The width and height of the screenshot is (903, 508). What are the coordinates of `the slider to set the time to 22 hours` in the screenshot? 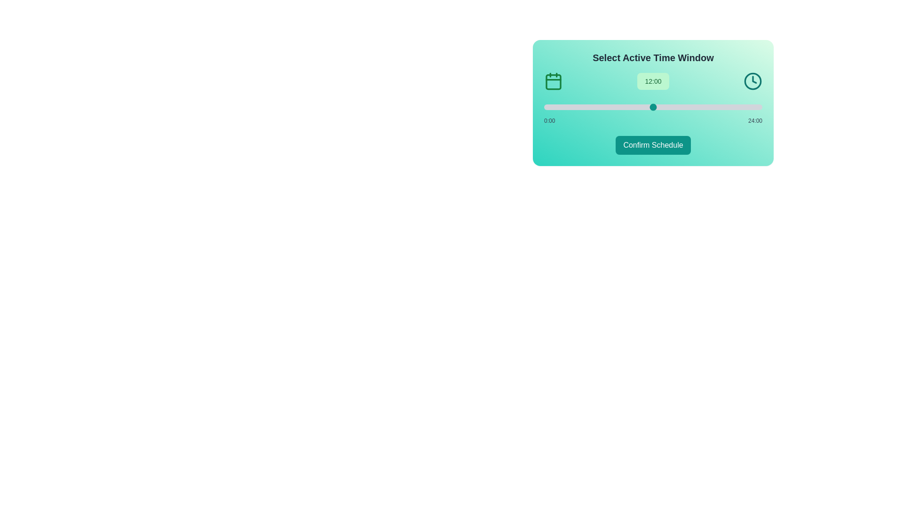 It's located at (744, 106).